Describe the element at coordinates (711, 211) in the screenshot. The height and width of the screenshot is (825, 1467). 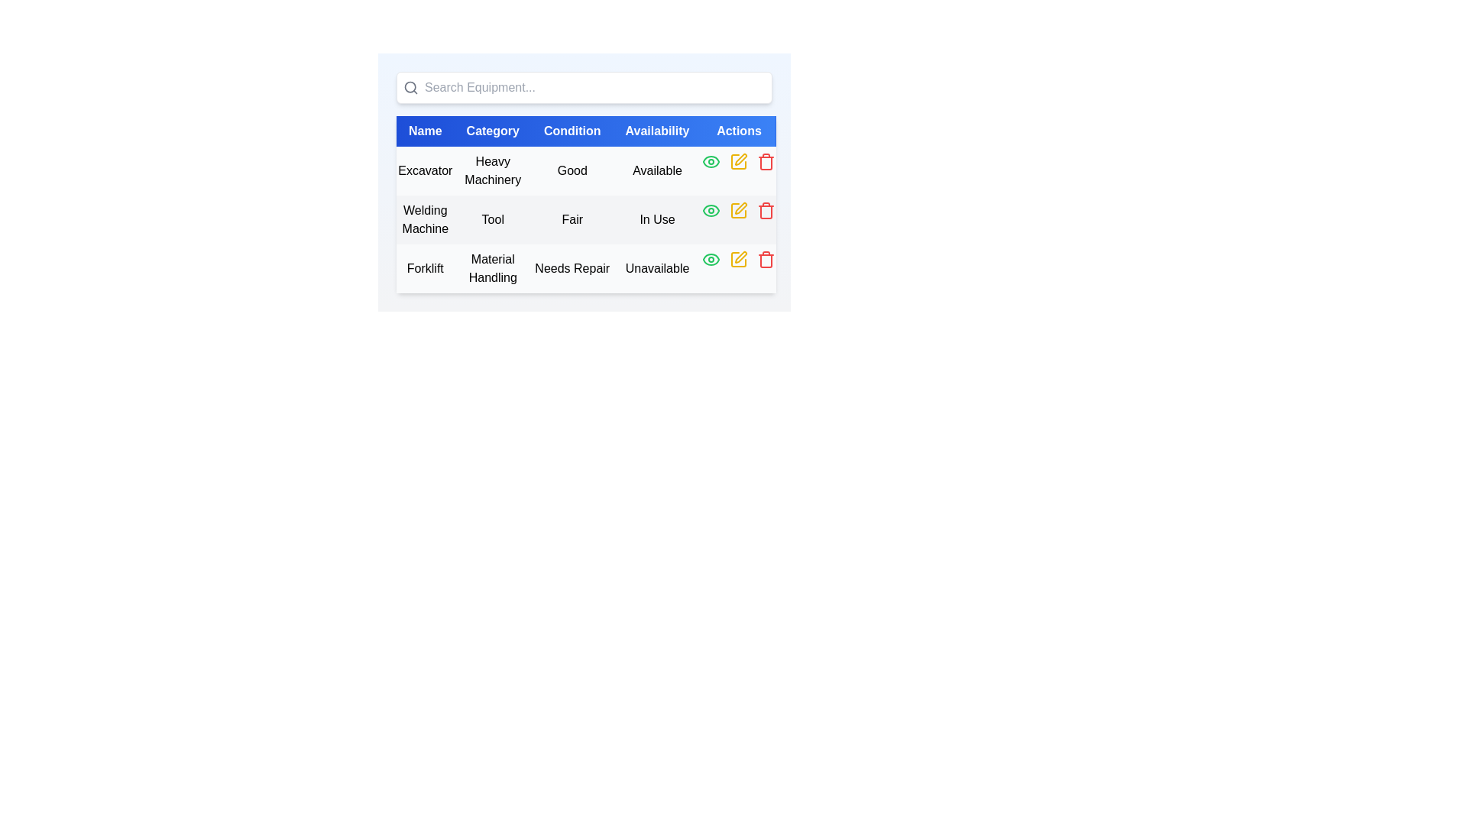
I see `the eye-shaped icon with a green stroke color in the 'Actions' column of the second row of the data table` at that location.